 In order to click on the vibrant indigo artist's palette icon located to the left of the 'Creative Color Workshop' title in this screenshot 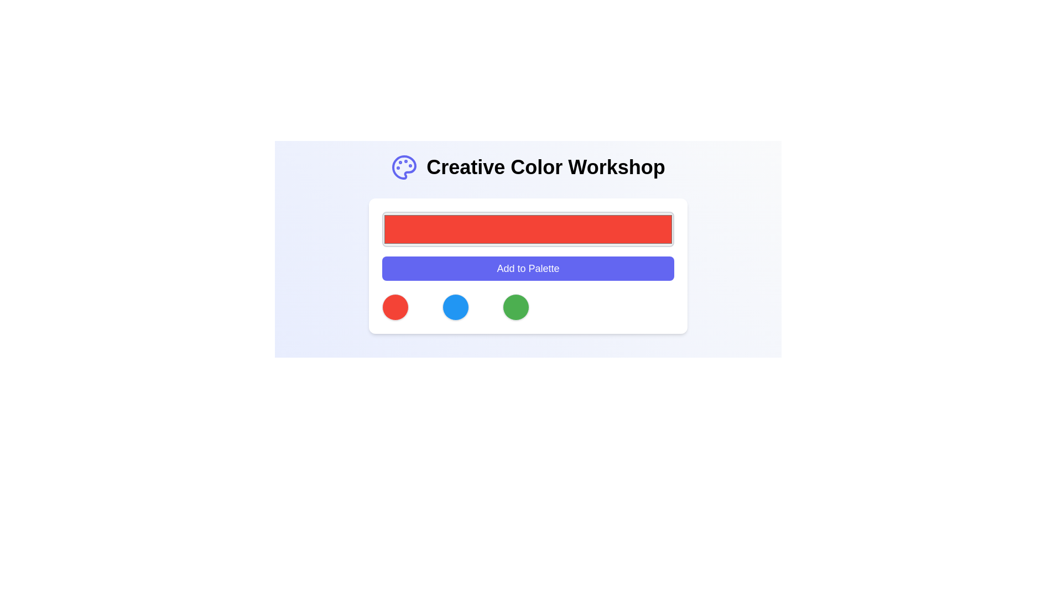, I will do `click(404, 167)`.